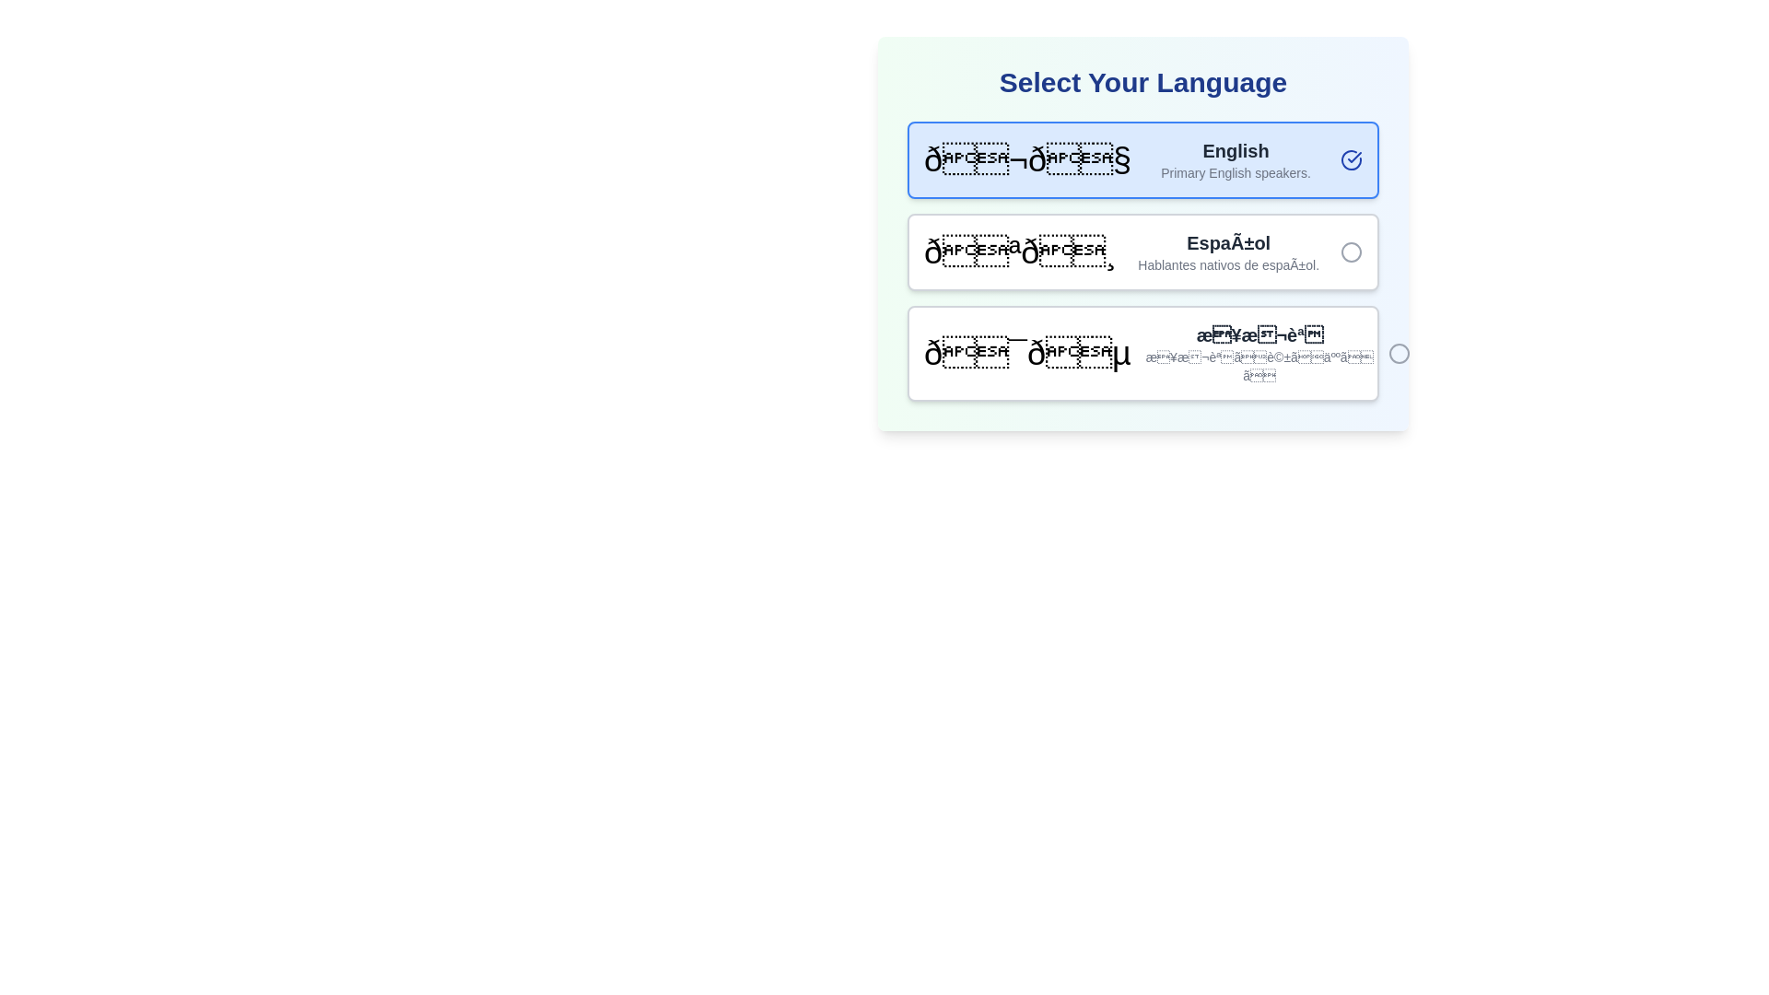 Image resolution: width=1769 pixels, height=995 pixels. Describe the element at coordinates (1236, 173) in the screenshot. I see `the descriptive text label that provides context for the 'English' language option in the language selection interface` at that location.